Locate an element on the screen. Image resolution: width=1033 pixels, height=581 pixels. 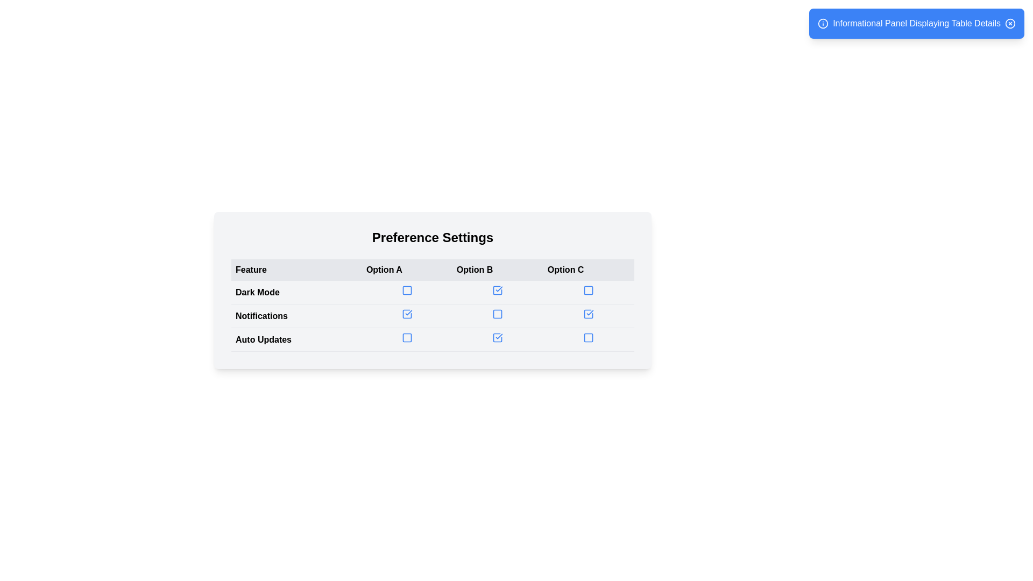
the checkbox for 'Auto Updates' under 'Option C' is located at coordinates (588, 339).